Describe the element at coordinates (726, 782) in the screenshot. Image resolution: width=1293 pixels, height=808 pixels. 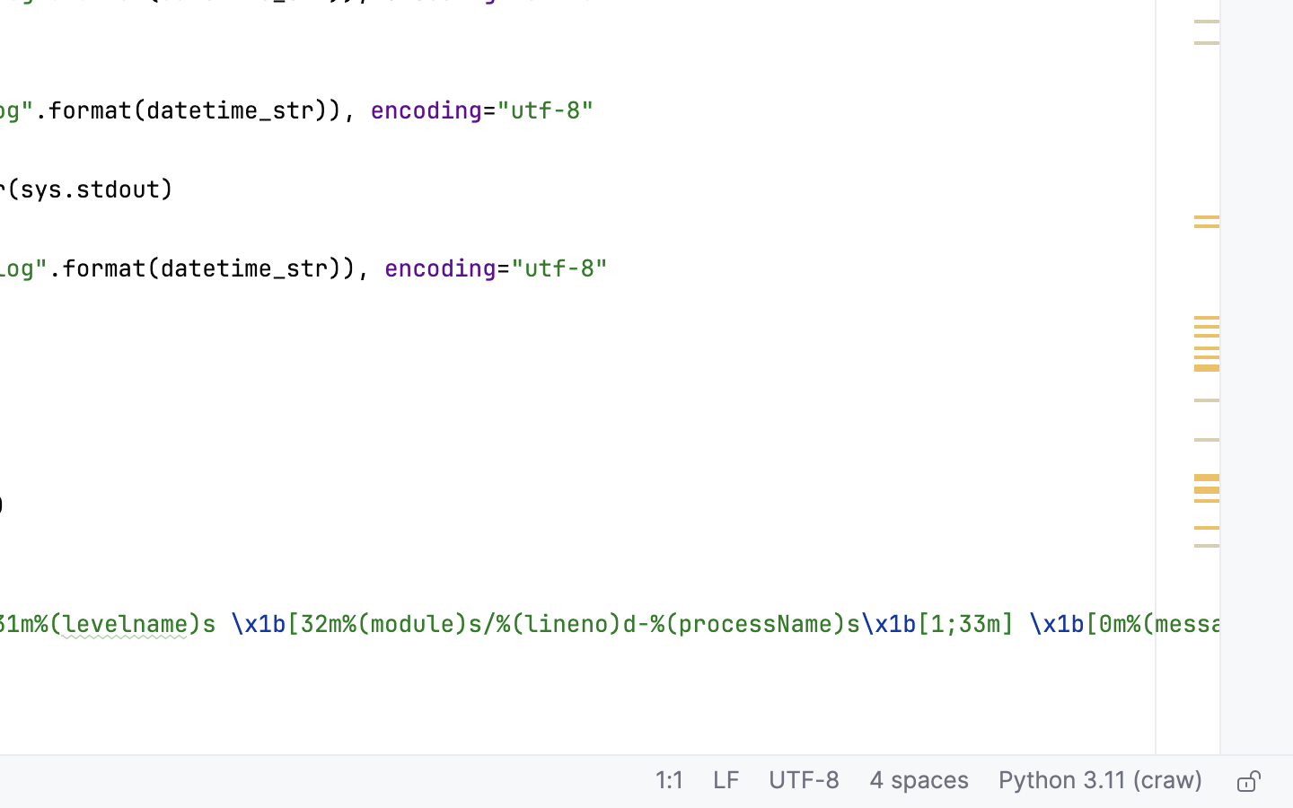
I see `'LF'` at that location.